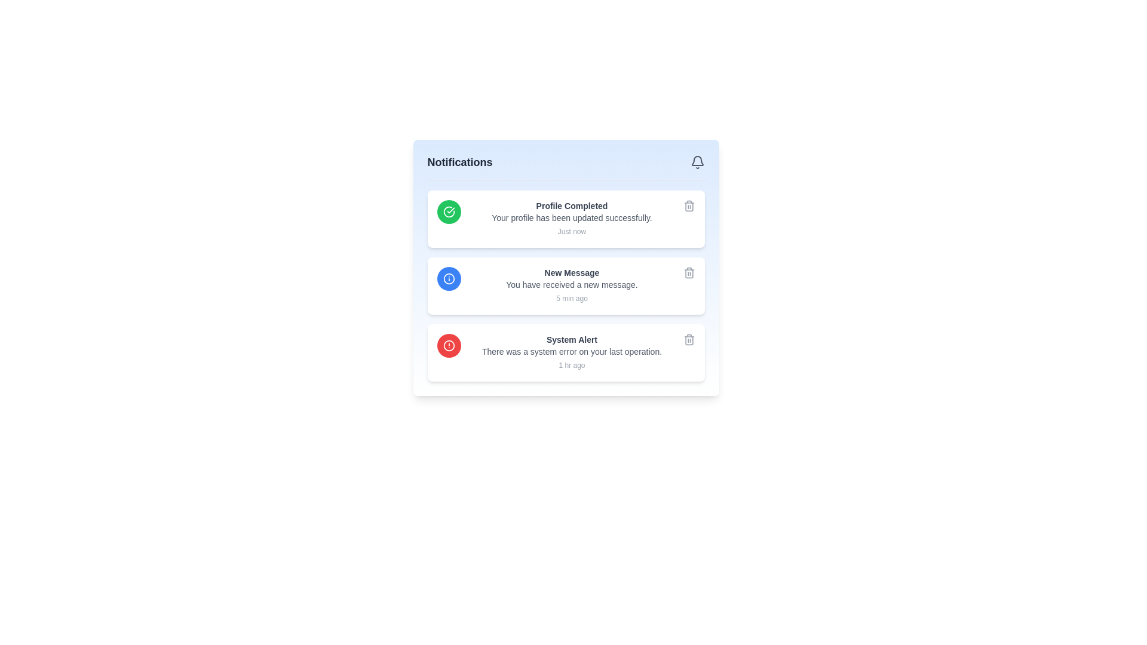 The image size is (1147, 645). What do you see at coordinates (448, 278) in the screenshot?
I see `the vector graphic element representing the informational aspect of the middle notification item, aligned with the text 'New Message'` at bounding box center [448, 278].